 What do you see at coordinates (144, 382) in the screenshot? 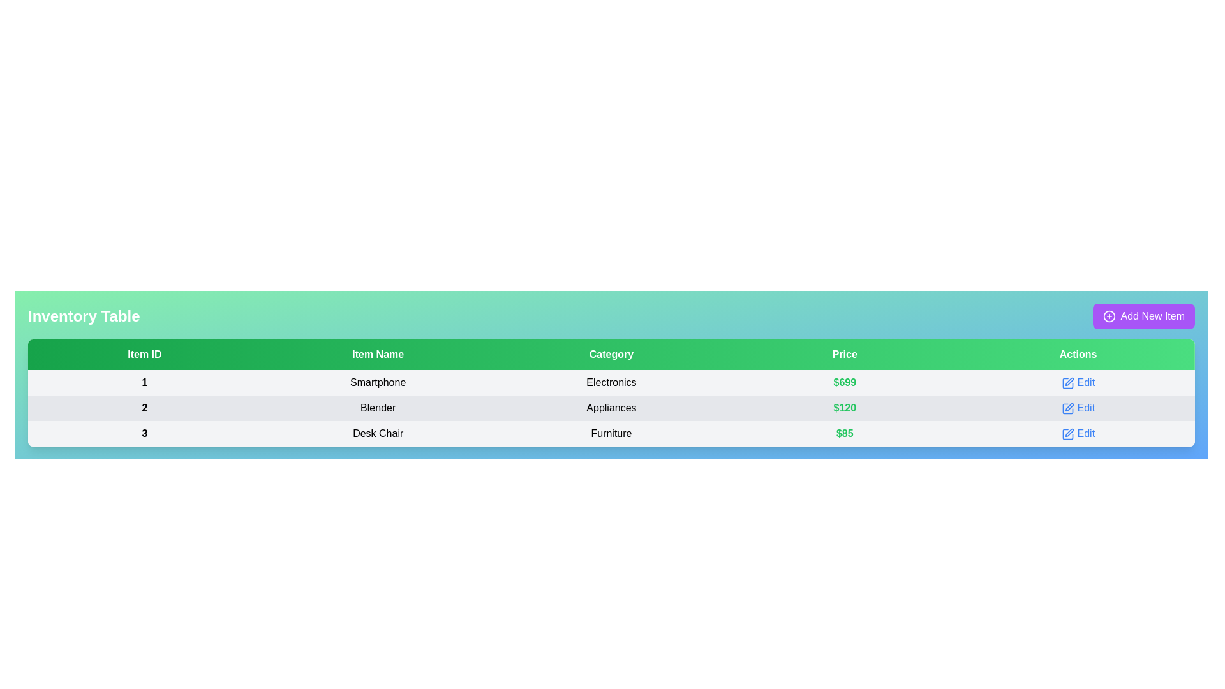
I see `the bold-styled number '1' Text Label element in the first column of the first data row of the table, which is aligned under the 'Item ID' column heading` at bounding box center [144, 382].